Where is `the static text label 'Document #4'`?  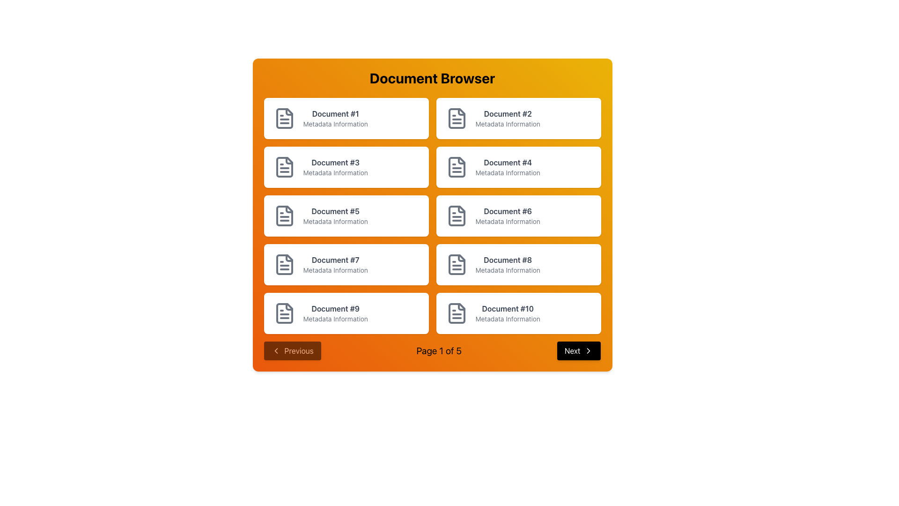 the static text label 'Document #4' is located at coordinates (507, 162).